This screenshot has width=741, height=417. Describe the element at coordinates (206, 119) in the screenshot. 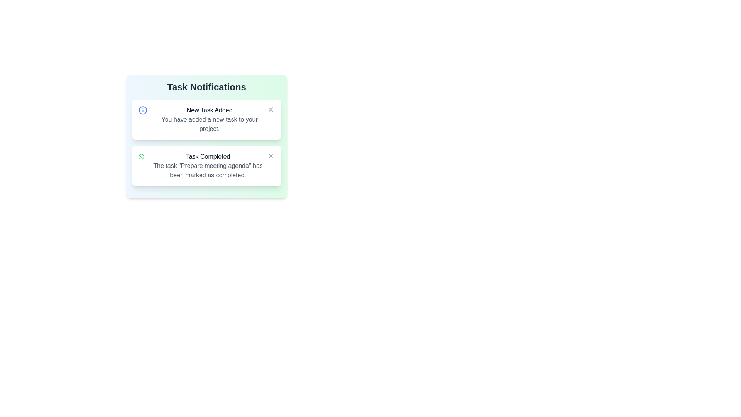

I see `the notification 1 to read its details` at that location.